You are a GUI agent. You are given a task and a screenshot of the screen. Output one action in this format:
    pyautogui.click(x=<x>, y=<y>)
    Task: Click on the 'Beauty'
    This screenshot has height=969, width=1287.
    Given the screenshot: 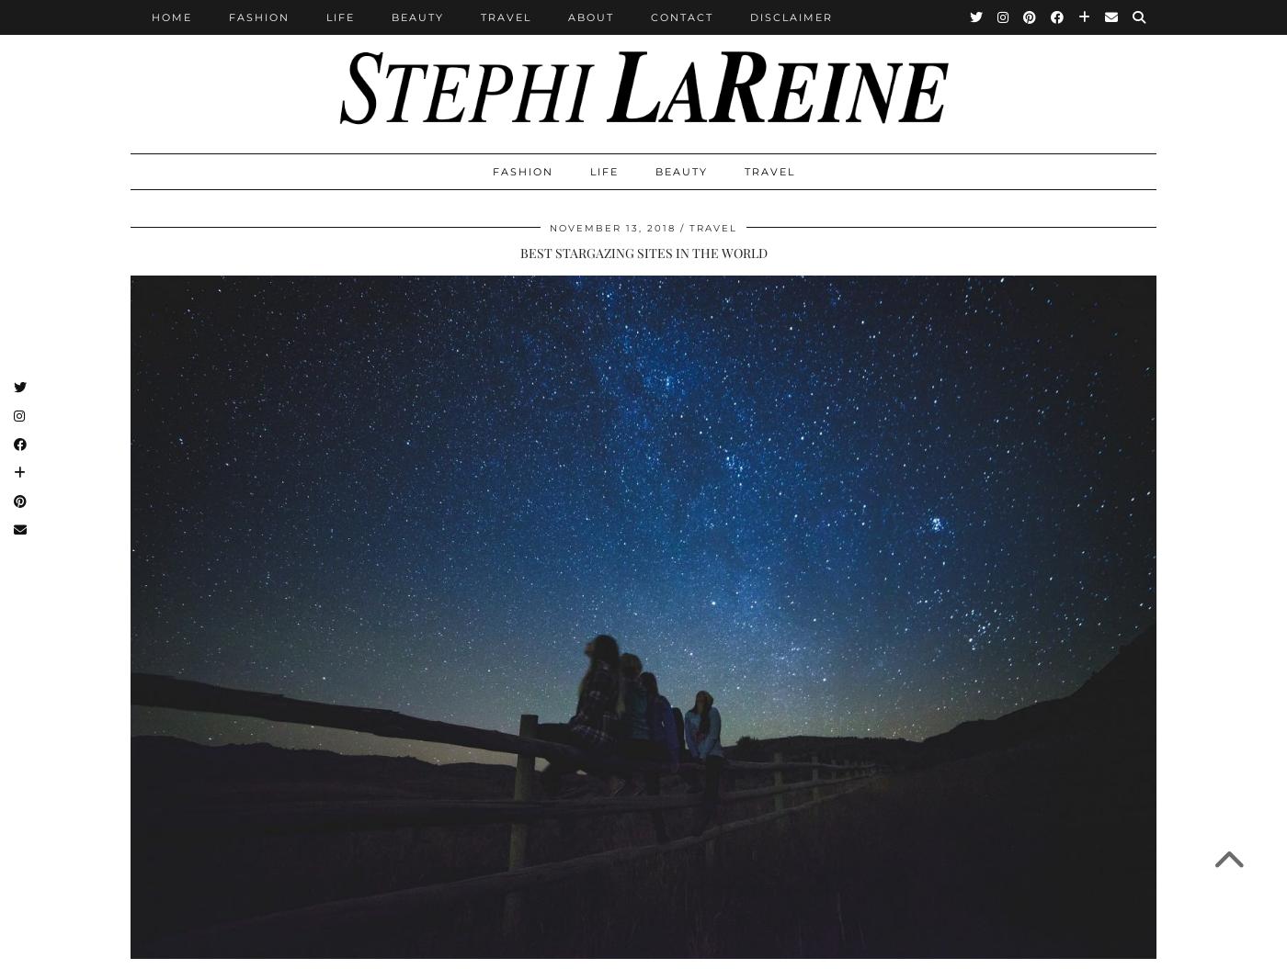 What is the action you would take?
    pyautogui.click(x=417, y=17)
    